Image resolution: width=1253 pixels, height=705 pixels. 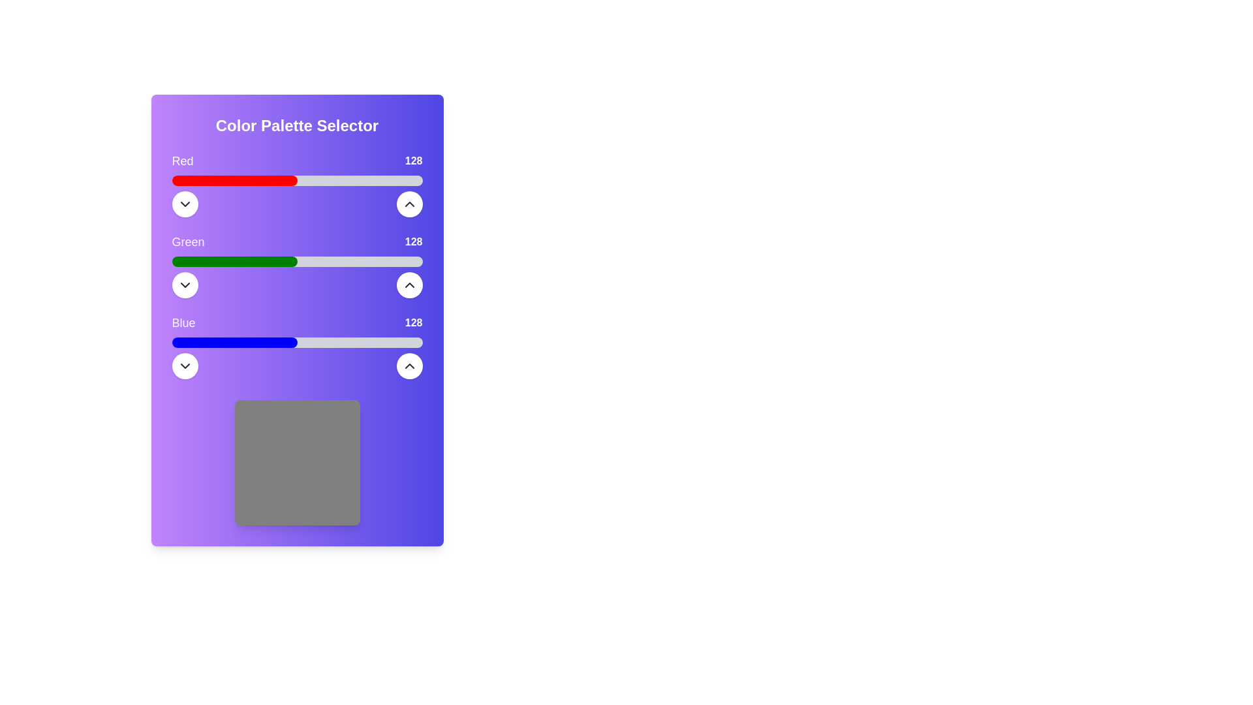 I want to click on the green component of the color, so click(x=324, y=262).